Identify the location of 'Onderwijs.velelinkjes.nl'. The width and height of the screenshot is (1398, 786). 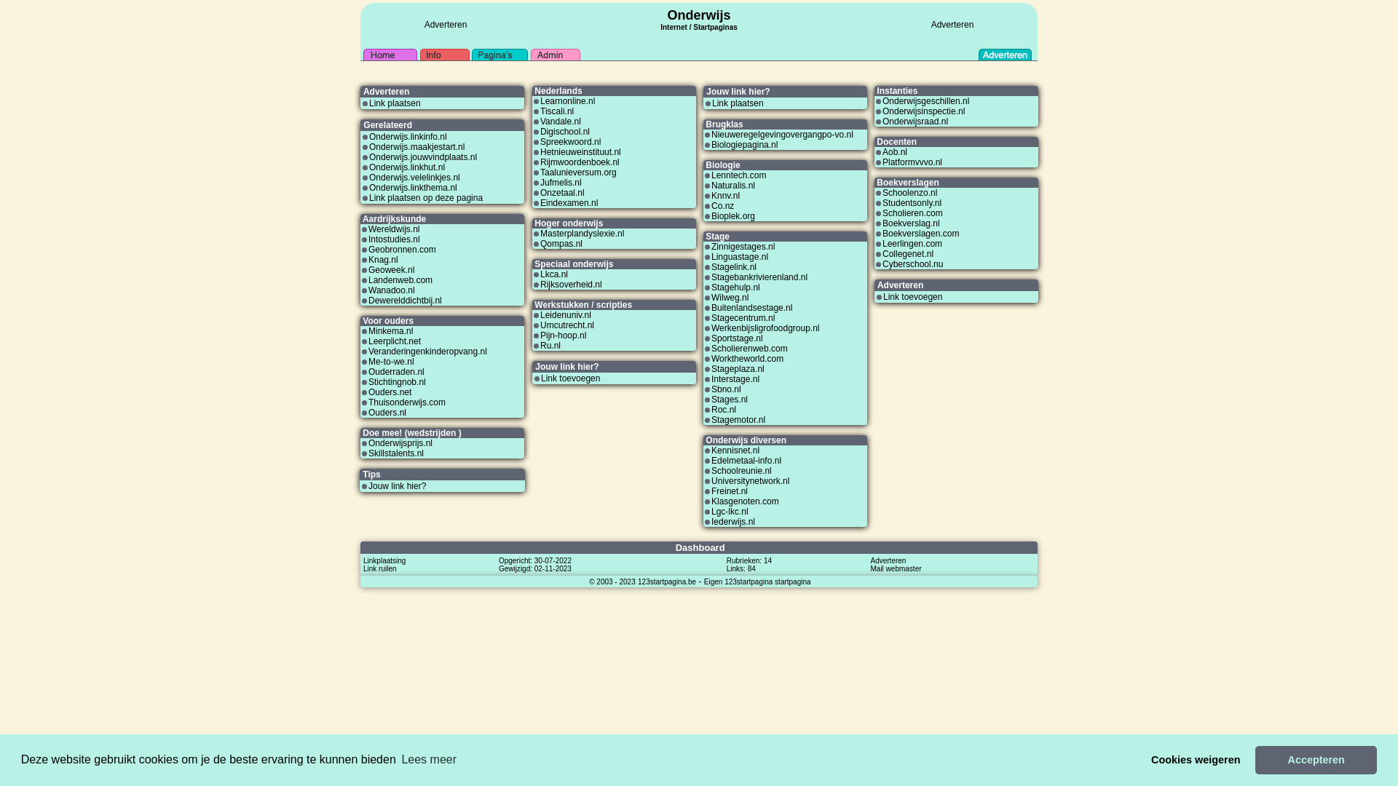
(414, 176).